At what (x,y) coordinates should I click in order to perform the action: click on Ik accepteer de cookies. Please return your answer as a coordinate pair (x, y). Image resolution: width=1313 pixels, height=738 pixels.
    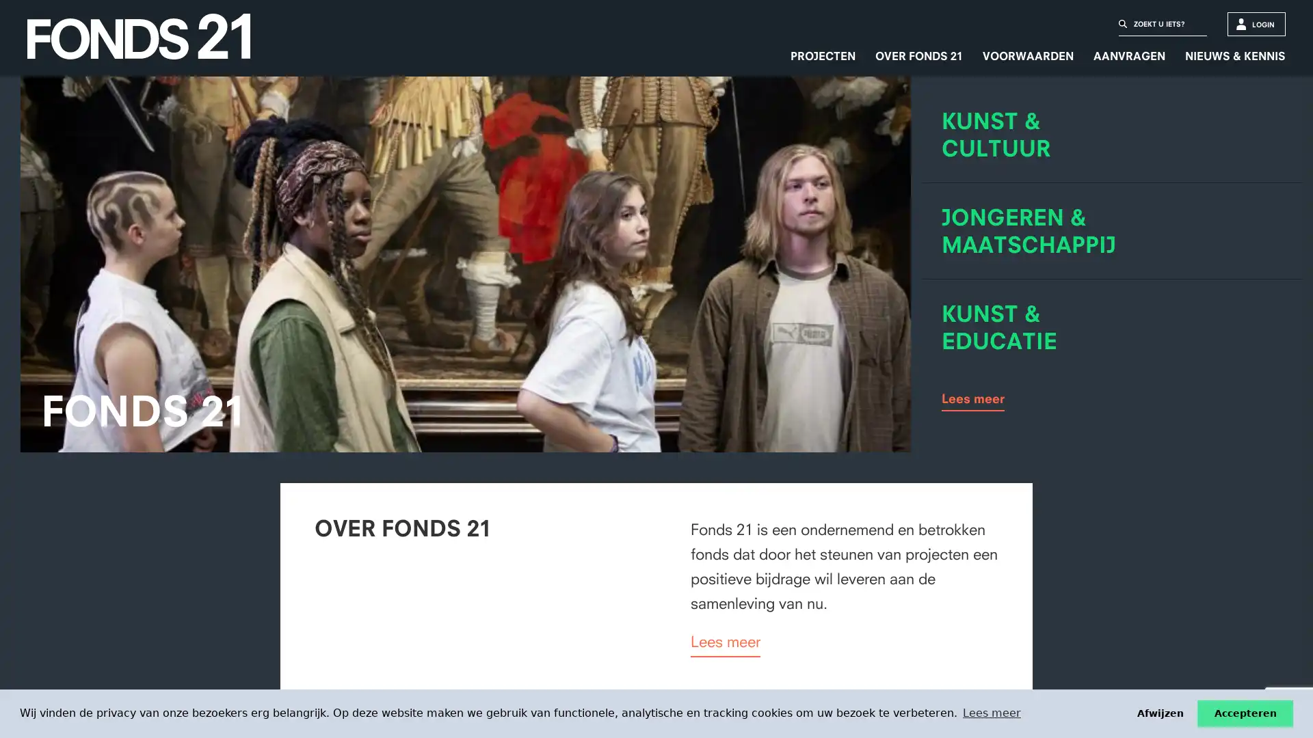
    Looking at the image, I should click on (1245, 713).